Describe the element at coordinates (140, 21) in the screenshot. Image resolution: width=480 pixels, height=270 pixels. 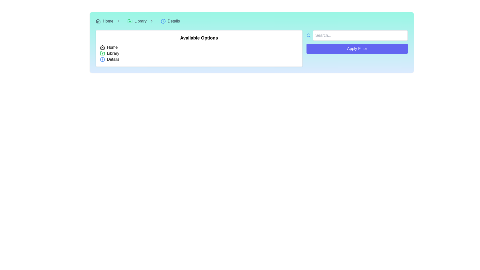
I see `the 'Library' text label within the breadcrumb navigation bar` at that location.